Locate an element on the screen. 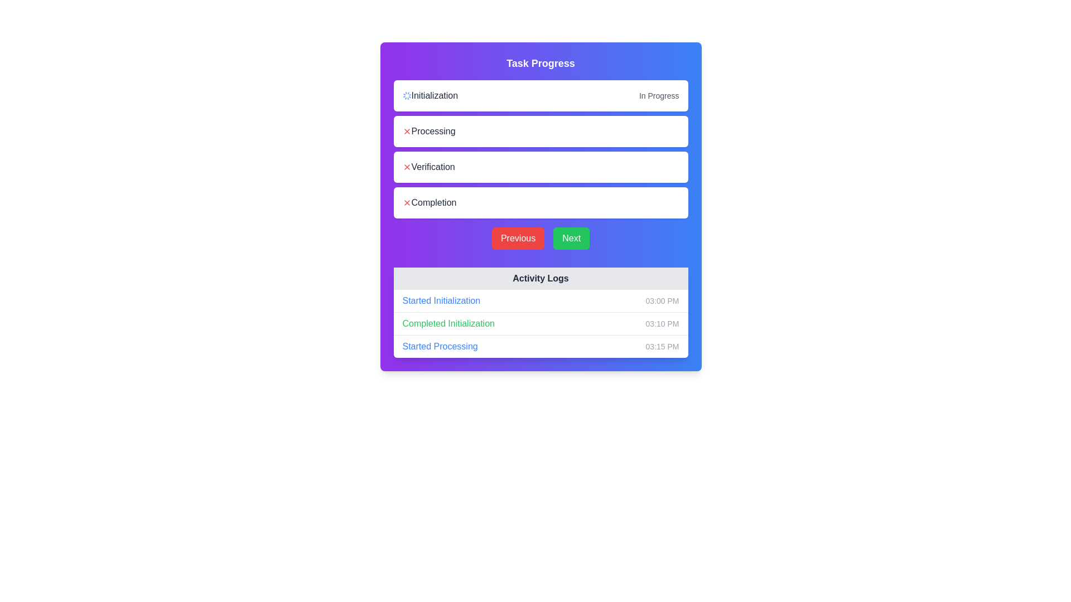 The width and height of the screenshot is (1071, 602). the text label that serves as the title for the activity log section, positioned at the top of the panel above the list of activity entries is located at coordinates (541, 278).